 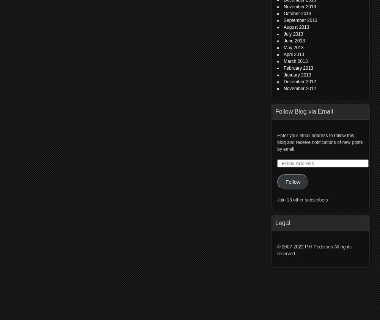 I want to click on 'June 2013', so click(x=294, y=41).